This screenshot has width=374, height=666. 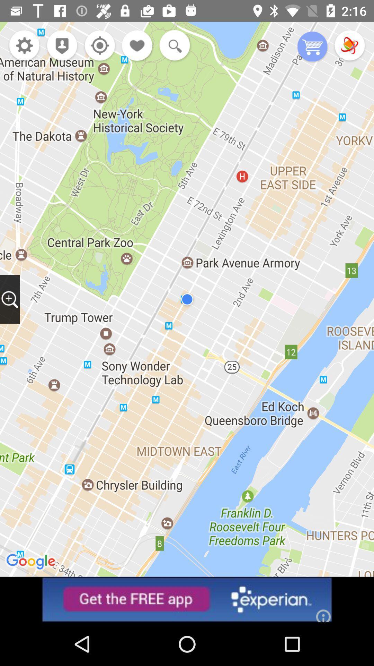 I want to click on advertisement option, so click(x=187, y=599).